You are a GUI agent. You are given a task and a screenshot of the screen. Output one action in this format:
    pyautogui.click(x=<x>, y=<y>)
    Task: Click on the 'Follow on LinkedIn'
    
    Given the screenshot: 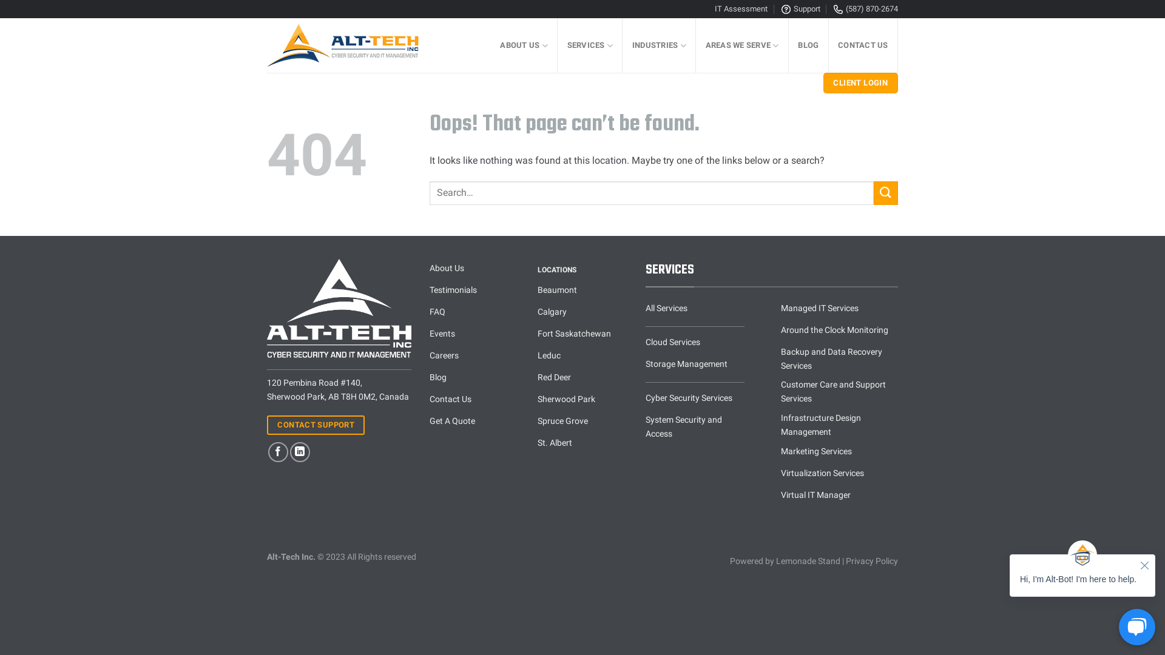 What is the action you would take?
    pyautogui.click(x=300, y=452)
    